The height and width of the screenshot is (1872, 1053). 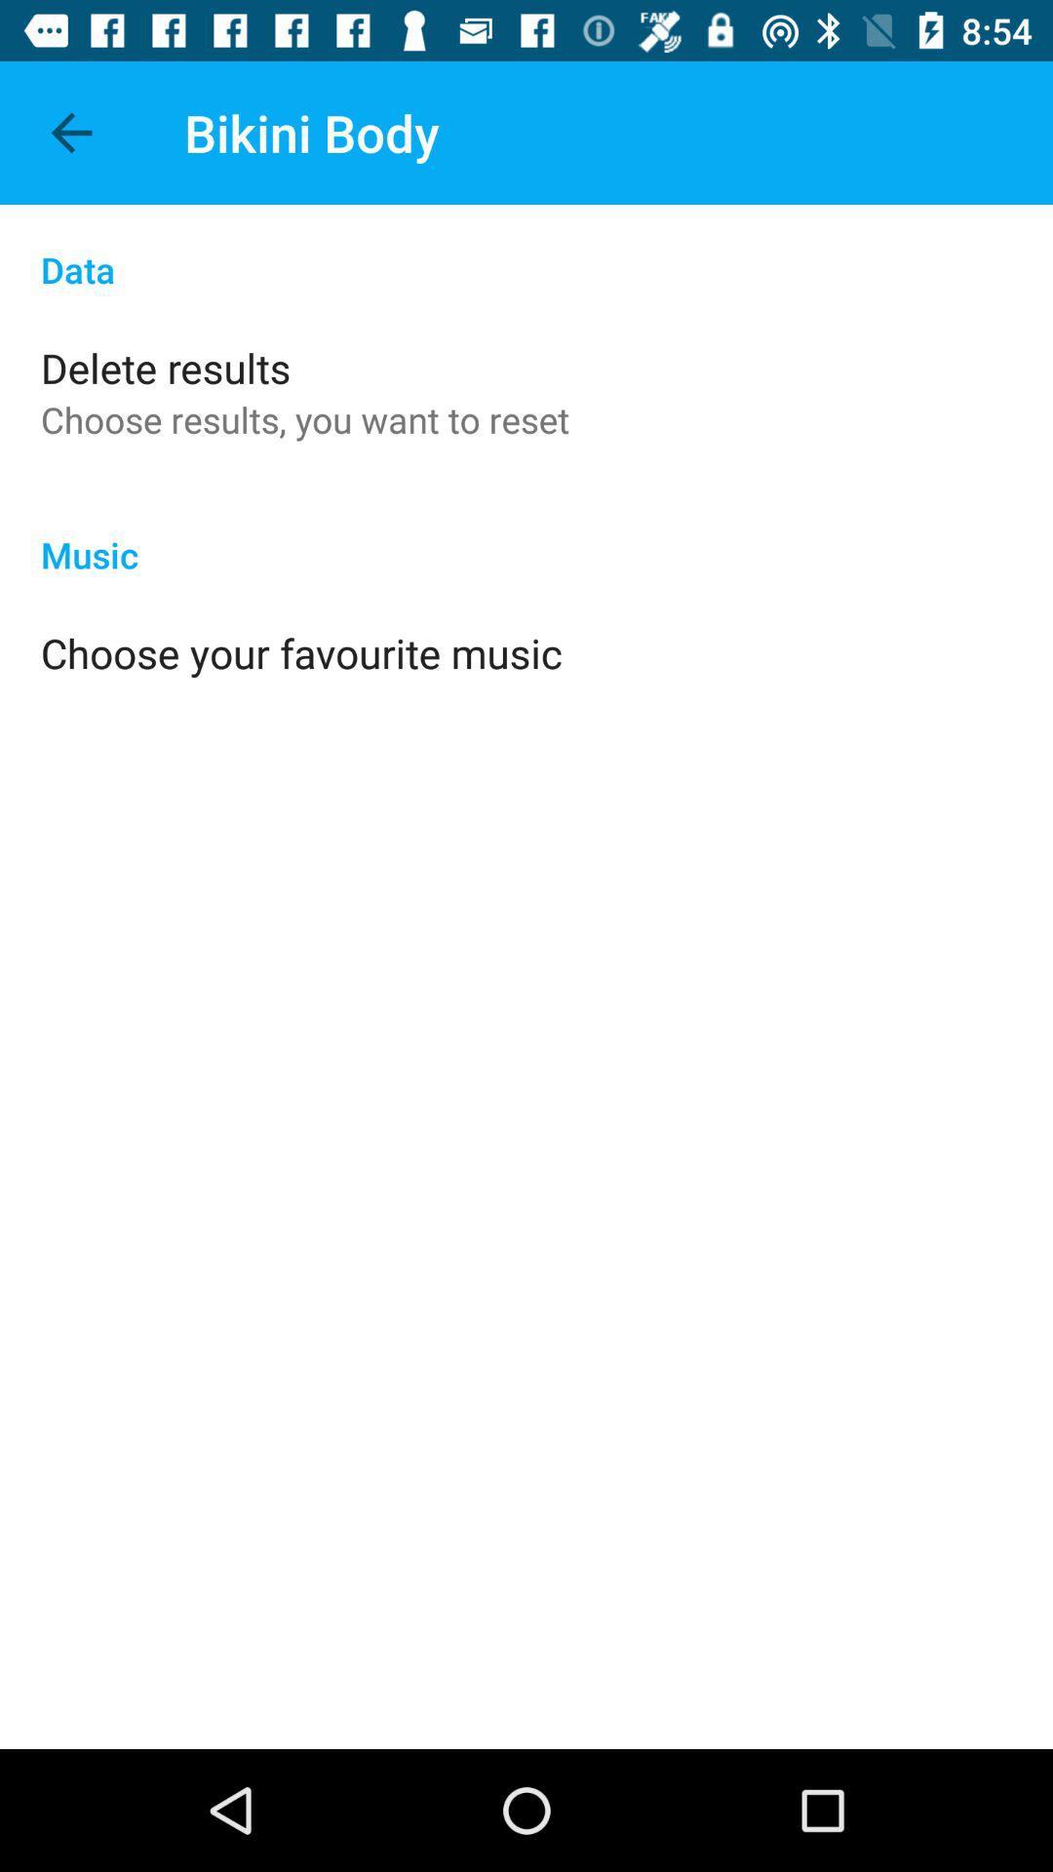 I want to click on the choose results you icon, so click(x=305, y=418).